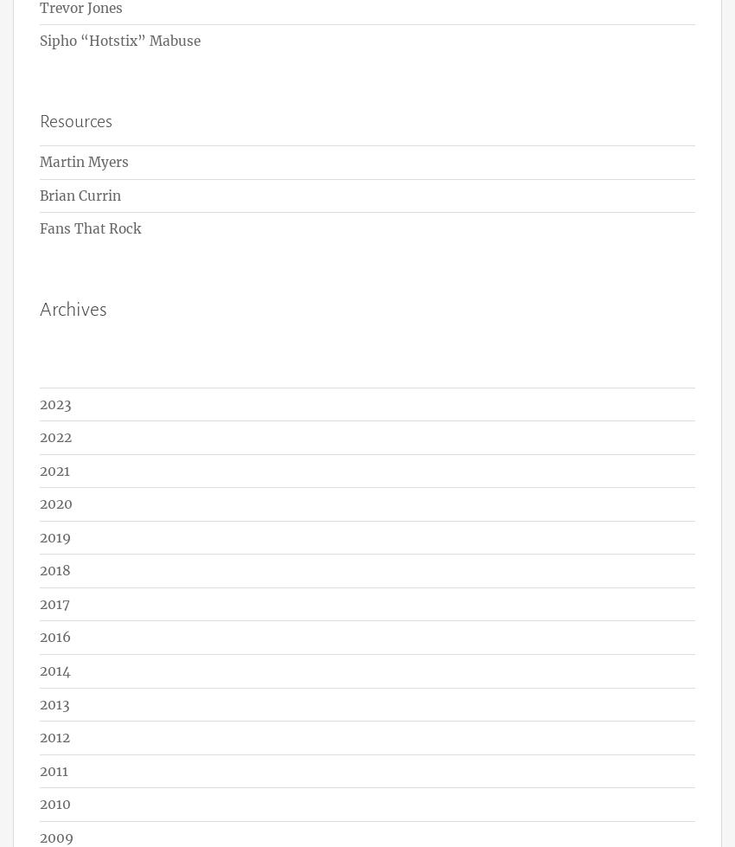  Describe the element at coordinates (73, 309) in the screenshot. I see `'Archives'` at that location.